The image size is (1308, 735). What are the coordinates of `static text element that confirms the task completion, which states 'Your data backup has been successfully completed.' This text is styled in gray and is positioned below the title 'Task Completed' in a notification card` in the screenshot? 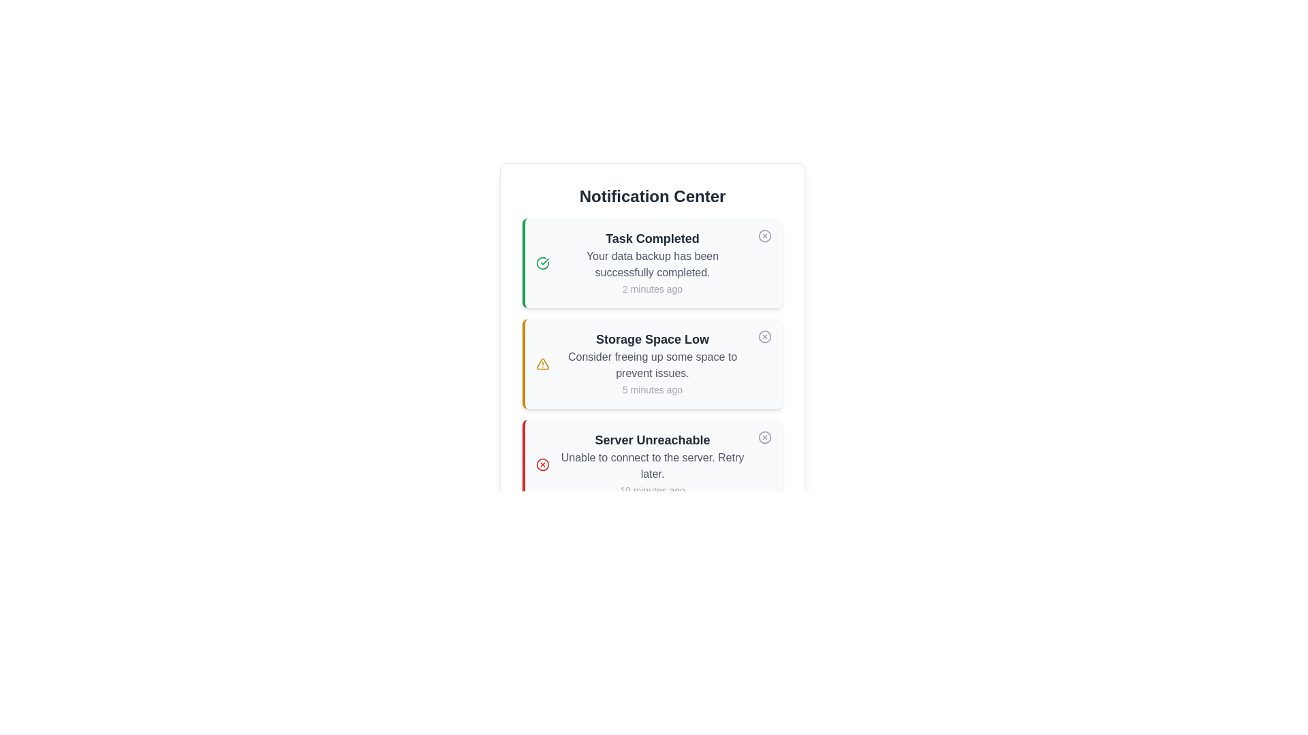 It's located at (652, 265).